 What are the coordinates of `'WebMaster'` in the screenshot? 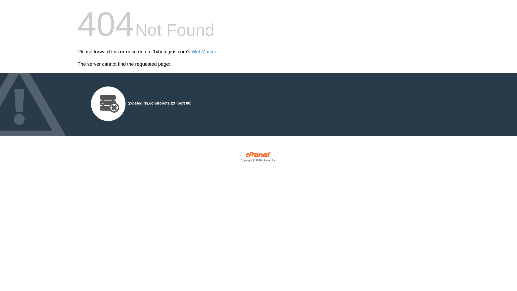 It's located at (204, 52).